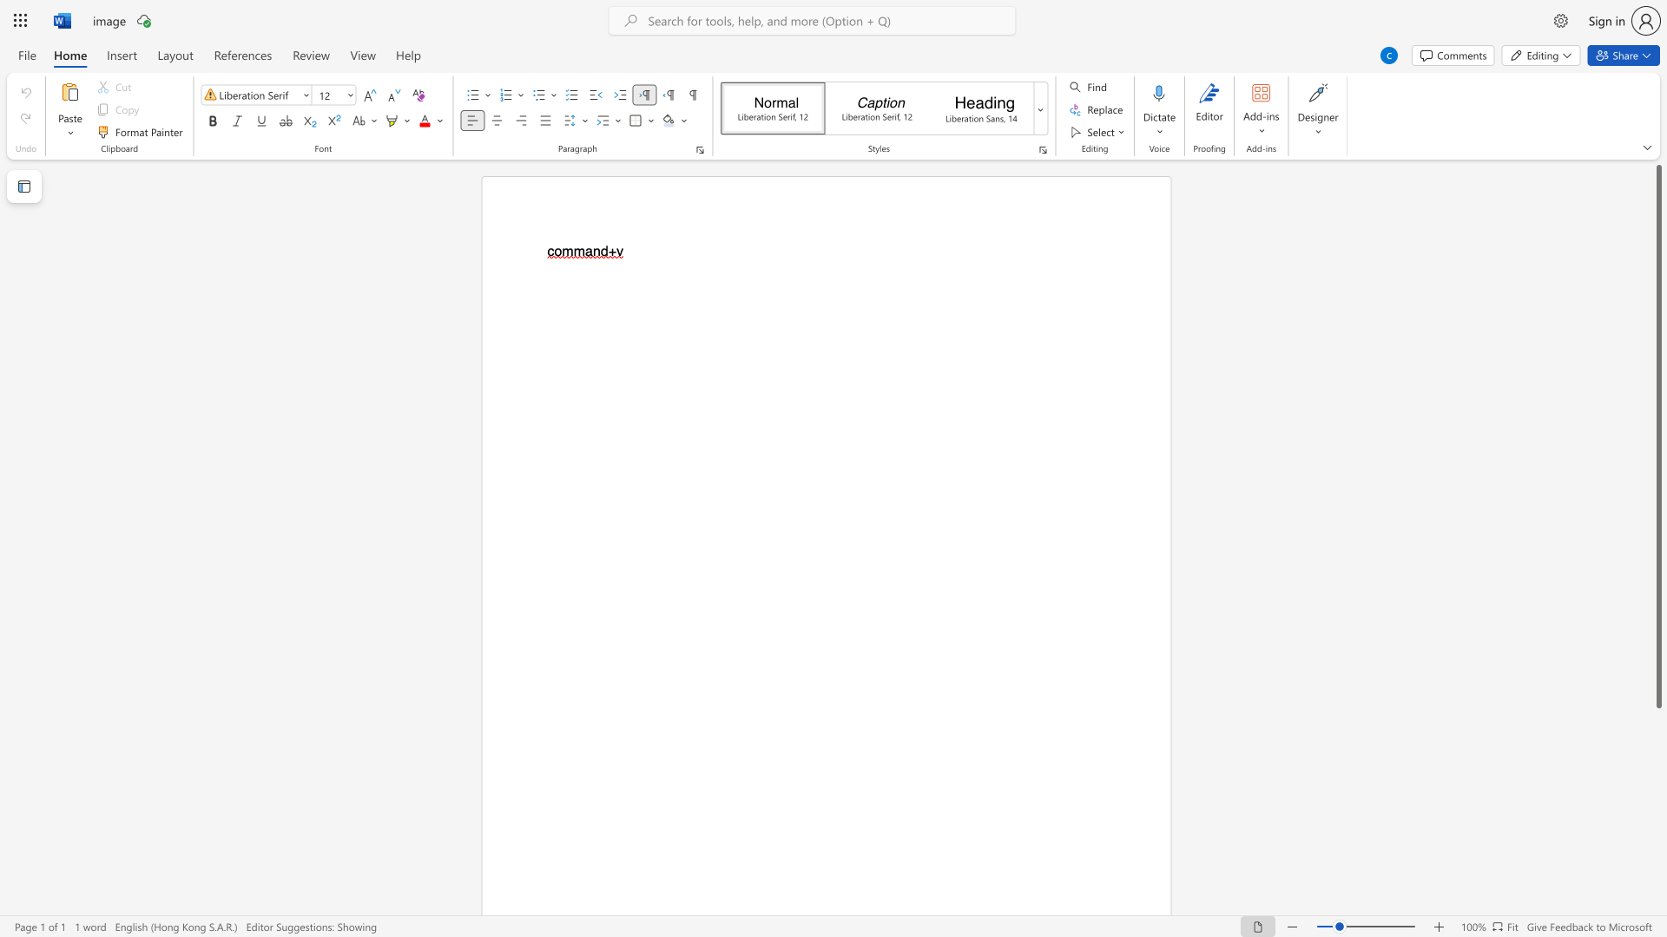 The width and height of the screenshot is (1667, 937). Describe the element at coordinates (1657, 822) in the screenshot. I see `the scrollbar to move the page down` at that location.